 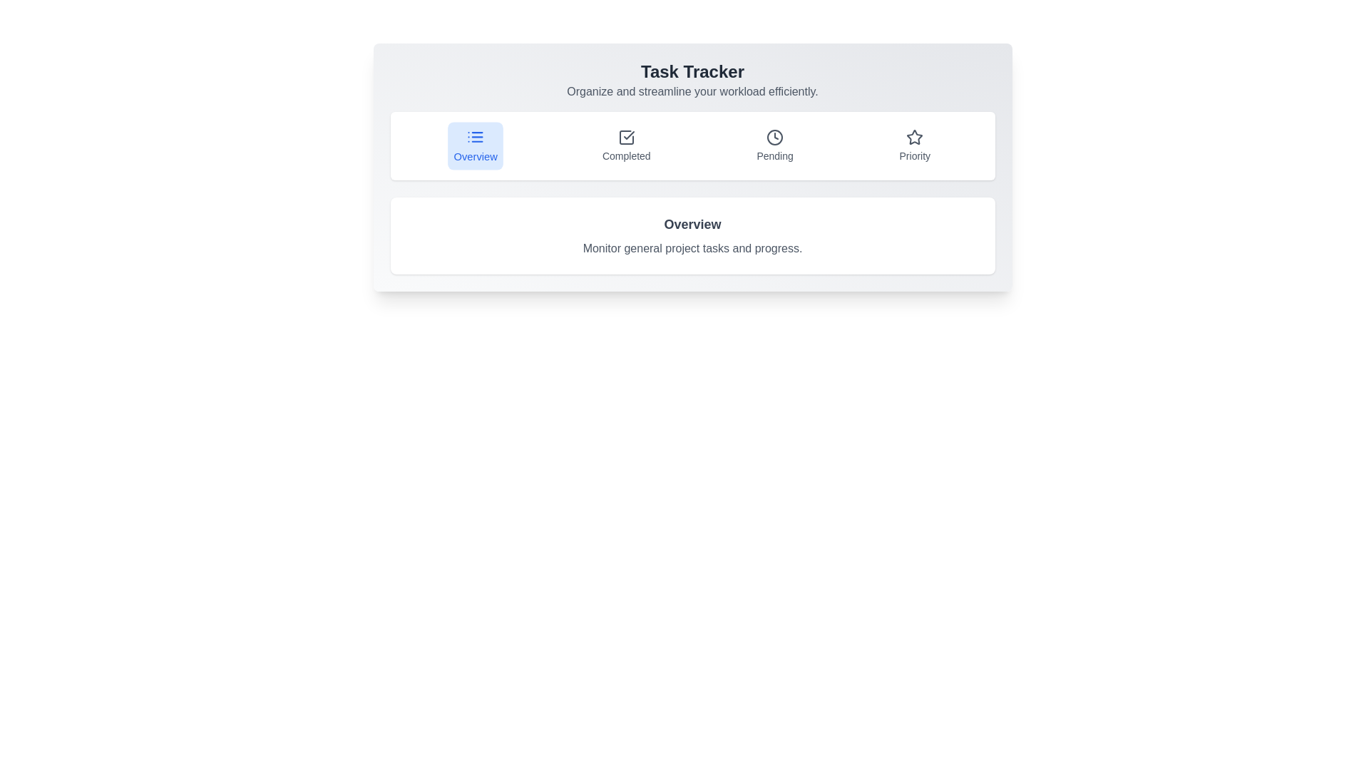 What do you see at coordinates (914, 145) in the screenshot?
I see `the Priority tab to view its content` at bounding box center [914, 145].